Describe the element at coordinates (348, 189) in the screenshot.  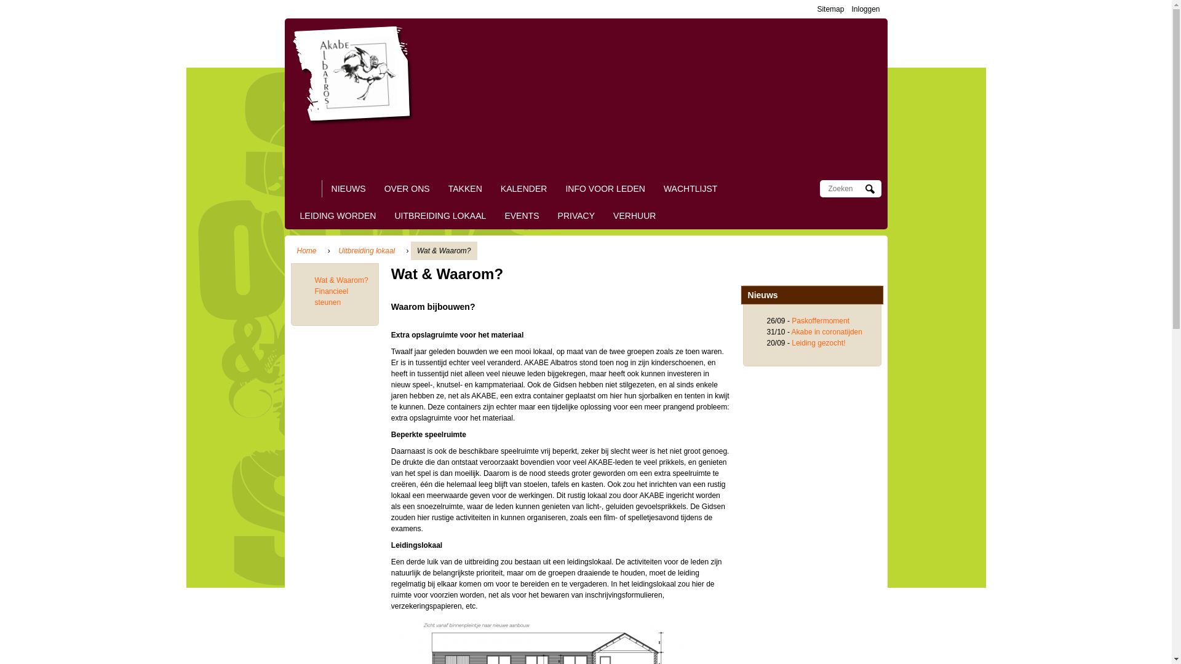
I see `'NIEUWS'` at that location.